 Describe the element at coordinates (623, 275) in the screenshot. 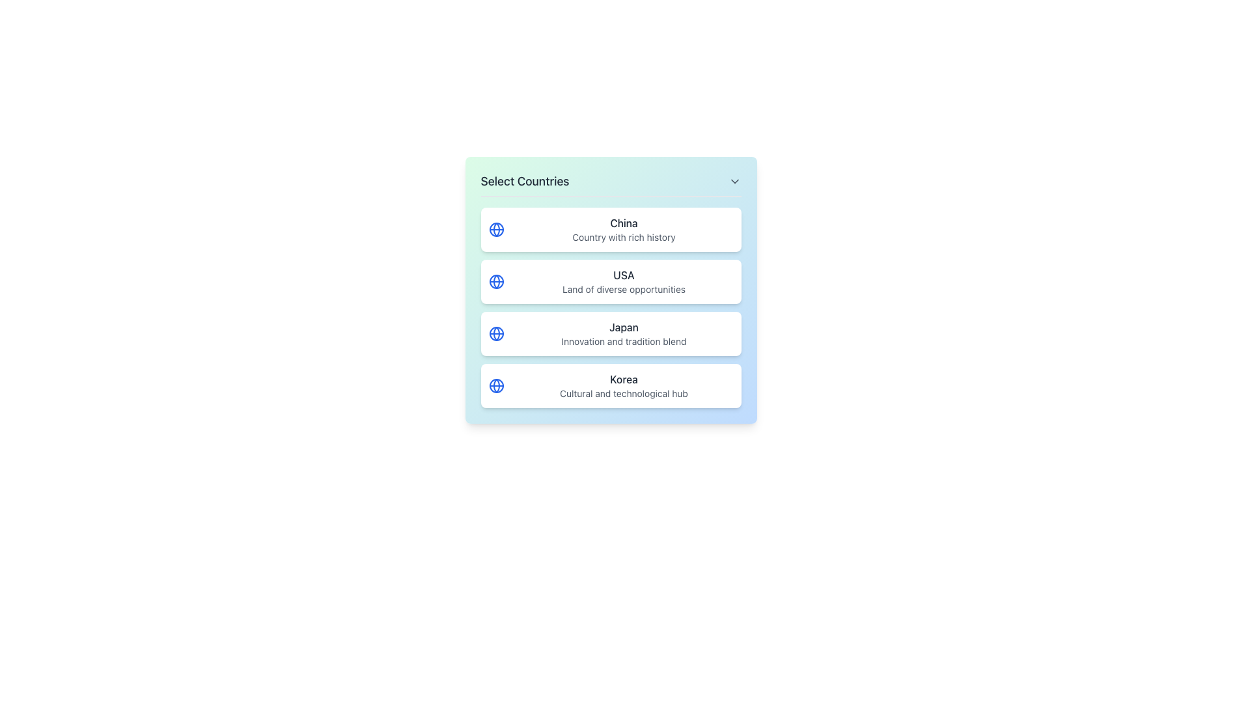

I see `text label displaying 'USA', which is the title of a country, located in the second item of a vertical list of countries` at that location.